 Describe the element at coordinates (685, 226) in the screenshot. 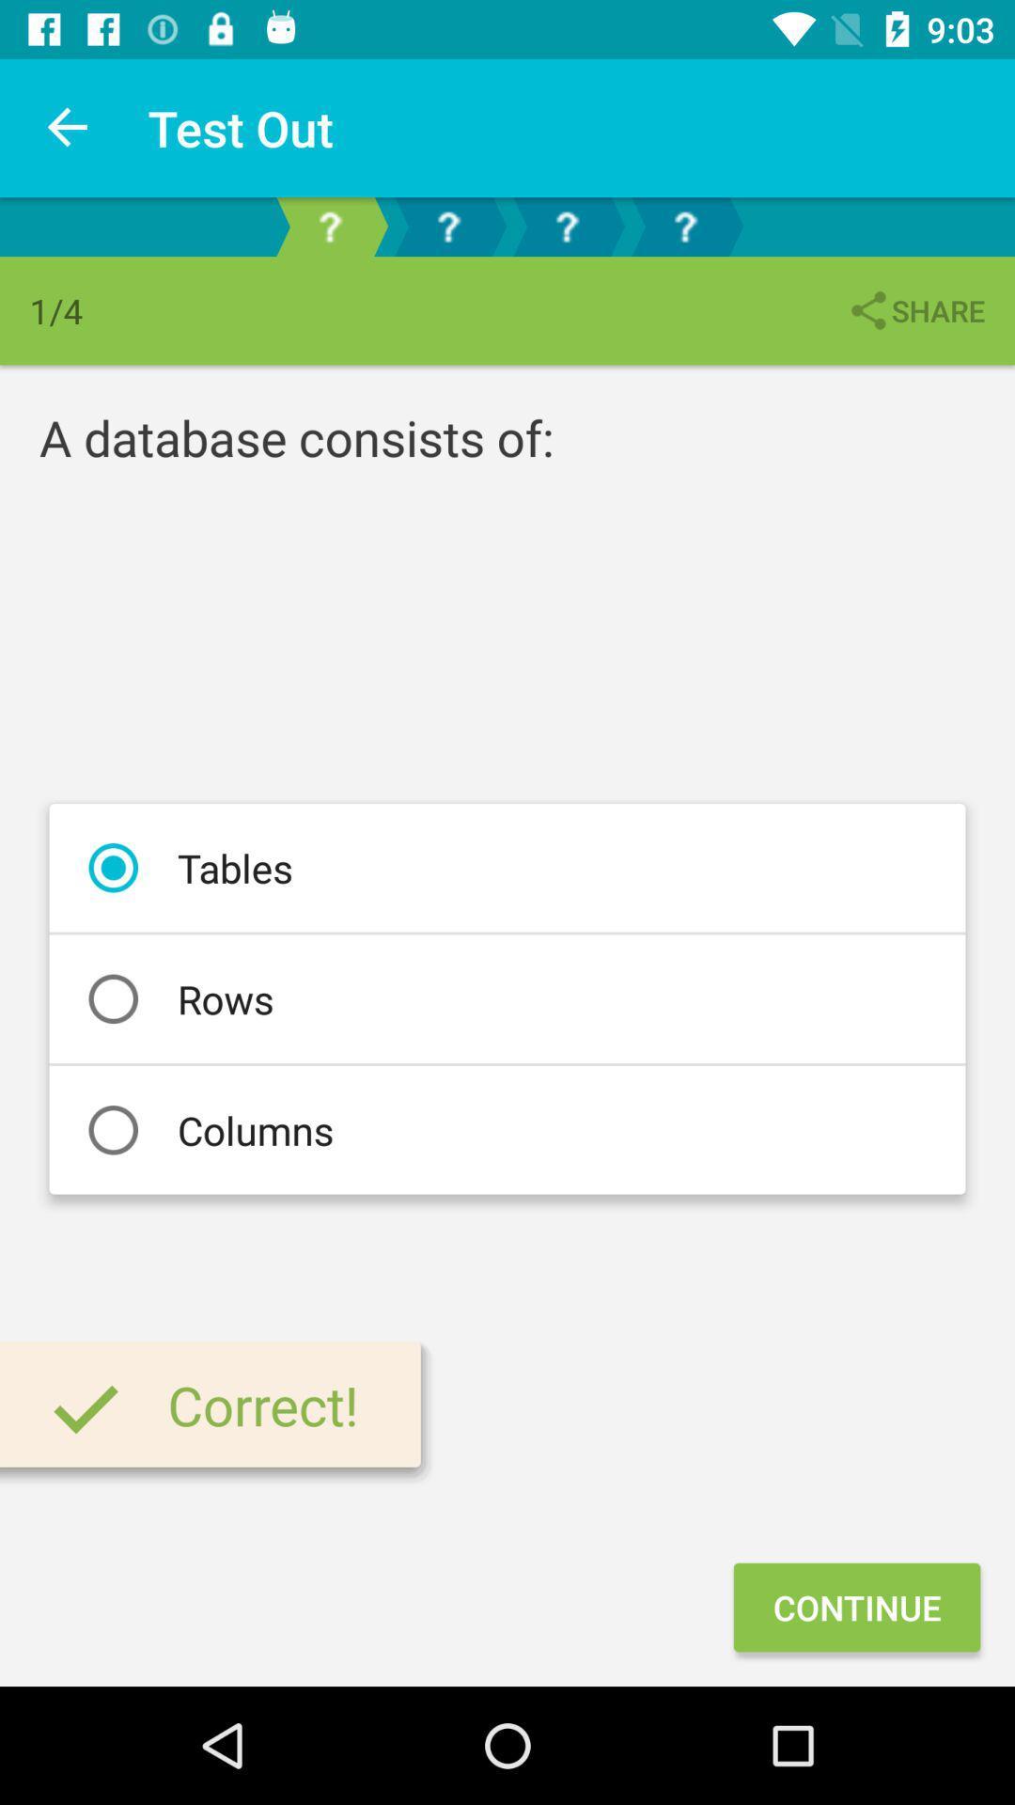

I see `question 4/4` at that location.